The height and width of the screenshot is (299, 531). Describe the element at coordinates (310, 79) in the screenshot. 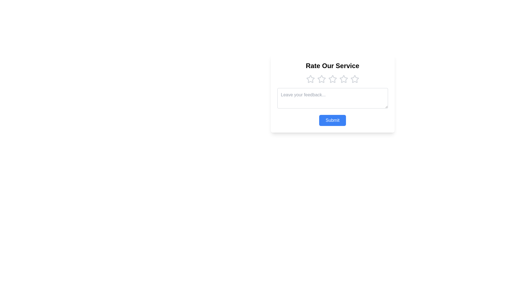

I see `the first star-shaped icon in the rating system below the 'Rate Our Service' title to trigger the tooltip effect` at that location.